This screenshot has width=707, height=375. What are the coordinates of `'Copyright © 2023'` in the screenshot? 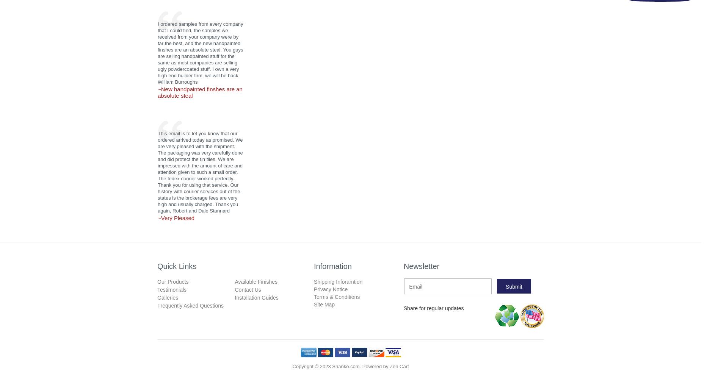 It's located at (312, 366).